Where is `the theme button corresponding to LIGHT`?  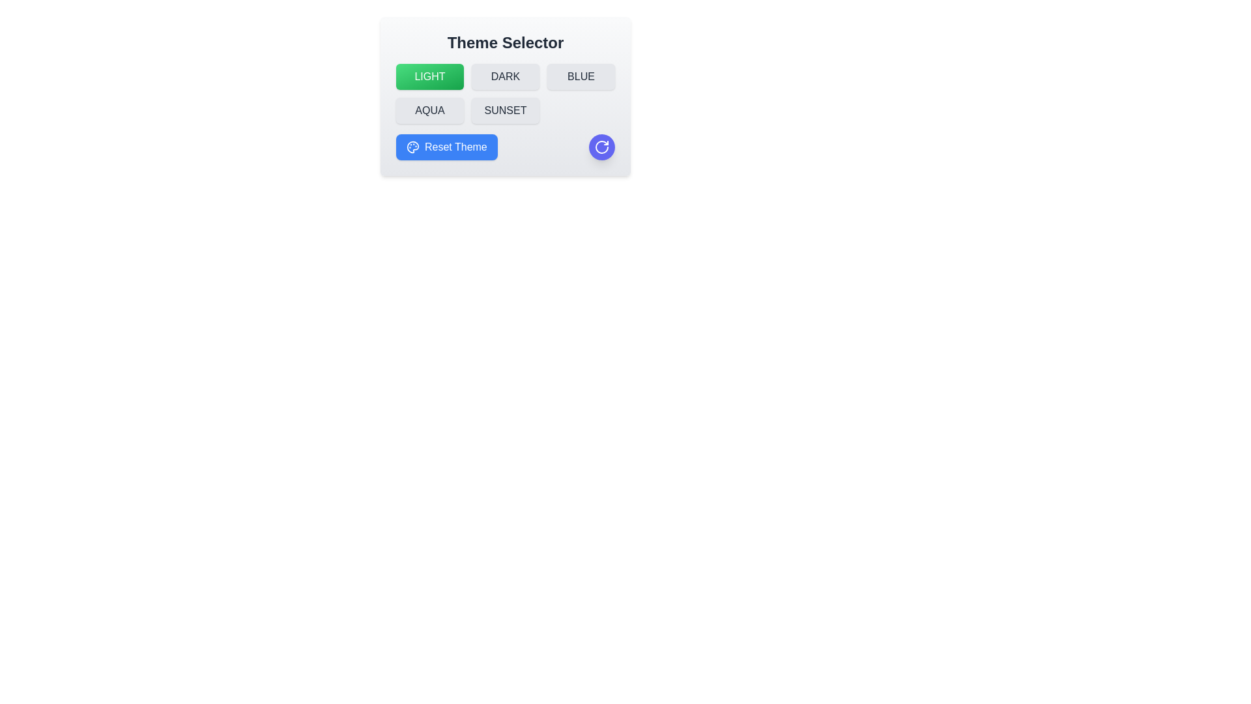 the theme button corresponding to LIGHT is located at coordinates (430, 77).